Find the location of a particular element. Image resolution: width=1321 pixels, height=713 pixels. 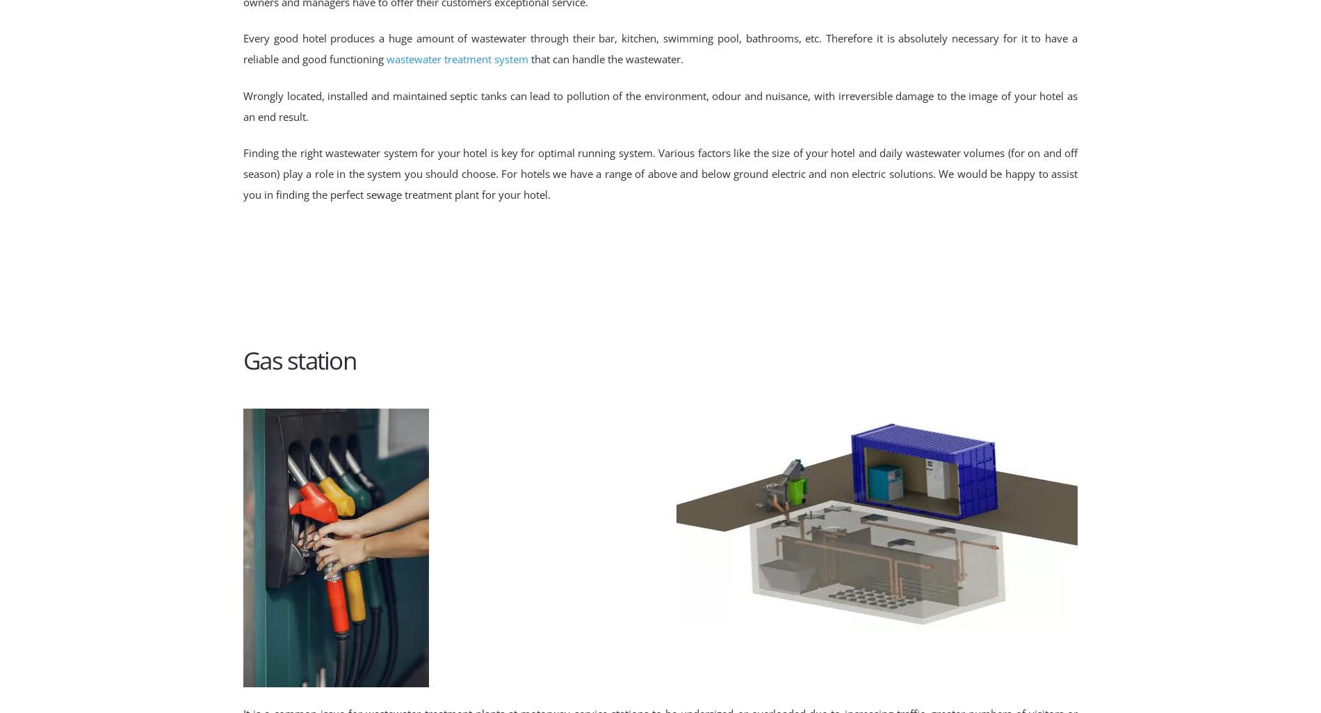

'wastewater treatment system' is located at coordinates (457, 58).